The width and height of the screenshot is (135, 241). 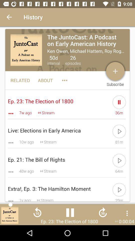 I want to click on the pause icon, so click(x=70, y=214).